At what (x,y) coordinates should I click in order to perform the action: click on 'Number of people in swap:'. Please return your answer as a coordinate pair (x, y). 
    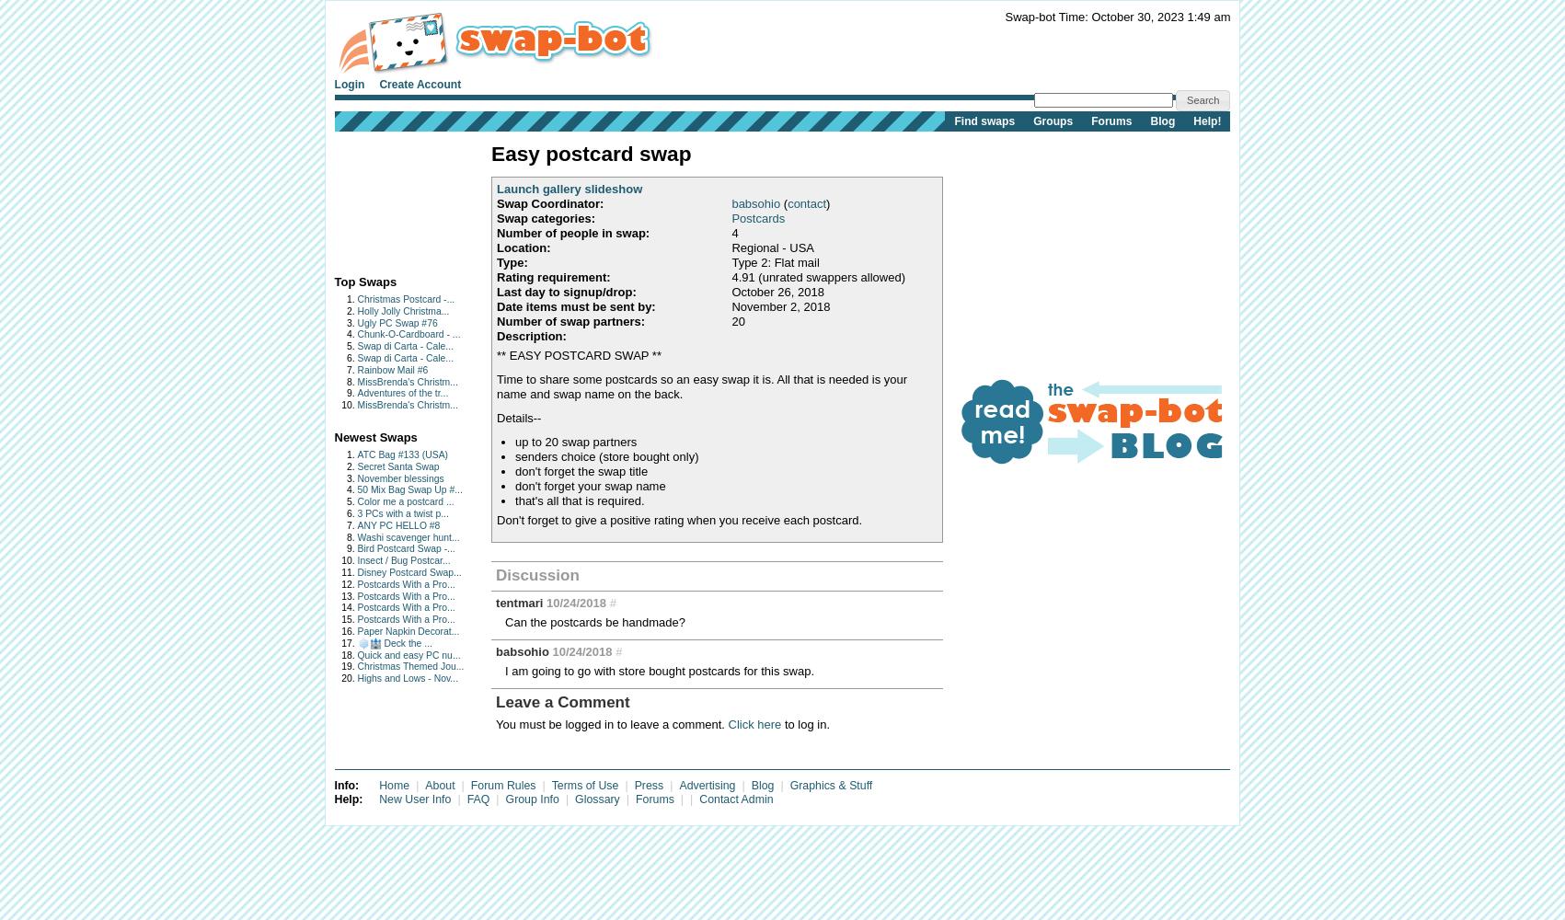
    Looking at the image, I should click on (497, 232).